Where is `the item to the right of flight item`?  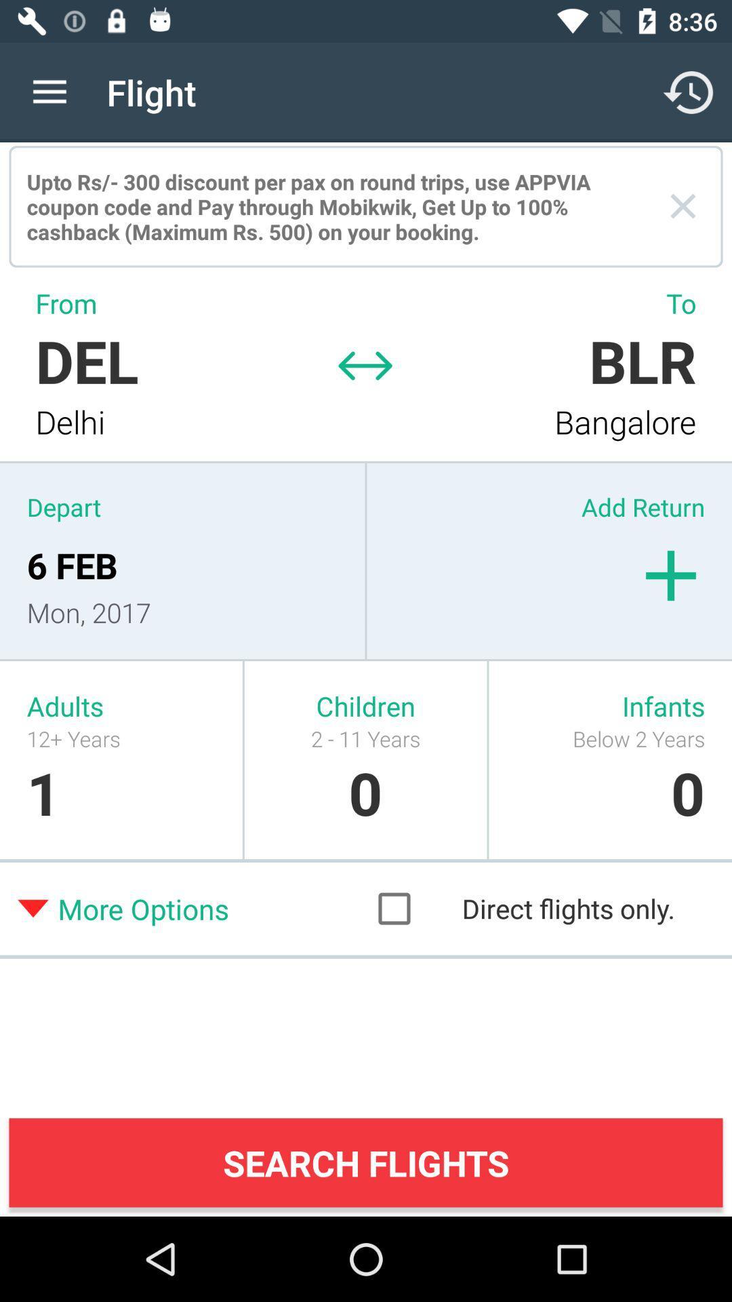
the item to the right of flight item is located at coordinates (689, 92).